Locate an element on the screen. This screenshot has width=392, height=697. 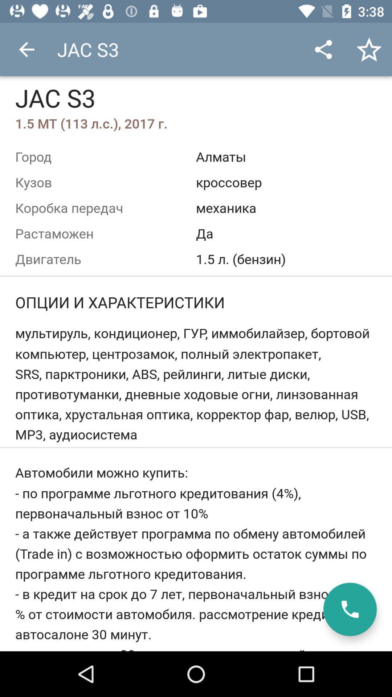
the item at the bottom right corner is located at coordinates (350, 609).